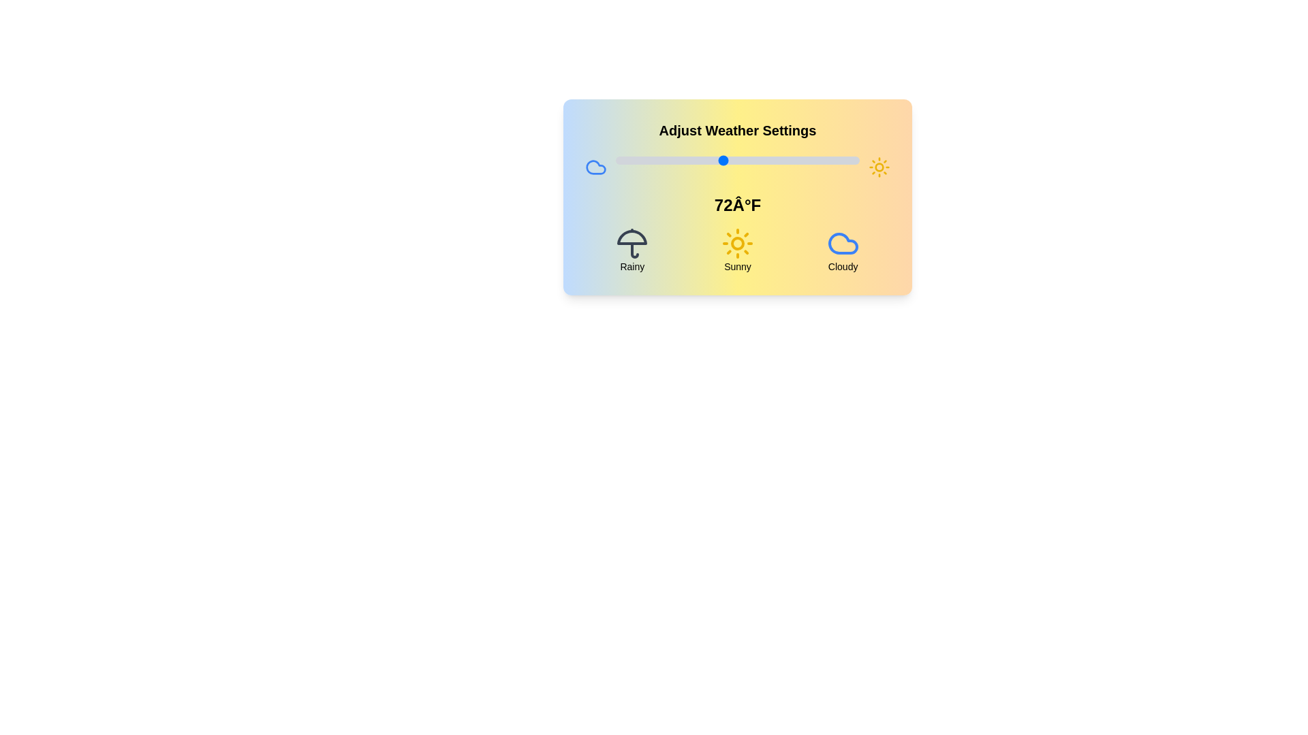 The image size is (1308, 735). What do you see at coordinates (631, 250) in the screenshot?
I see `the weather icon corresponding to Rainy to observe changes` at bounding box center [631, 250].